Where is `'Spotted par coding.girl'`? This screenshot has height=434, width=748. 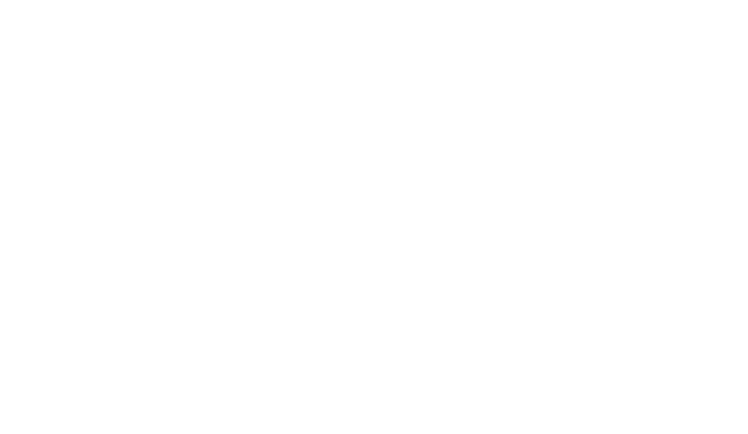
'Spotted par coding.girl' is located at coordinates (179, 240).